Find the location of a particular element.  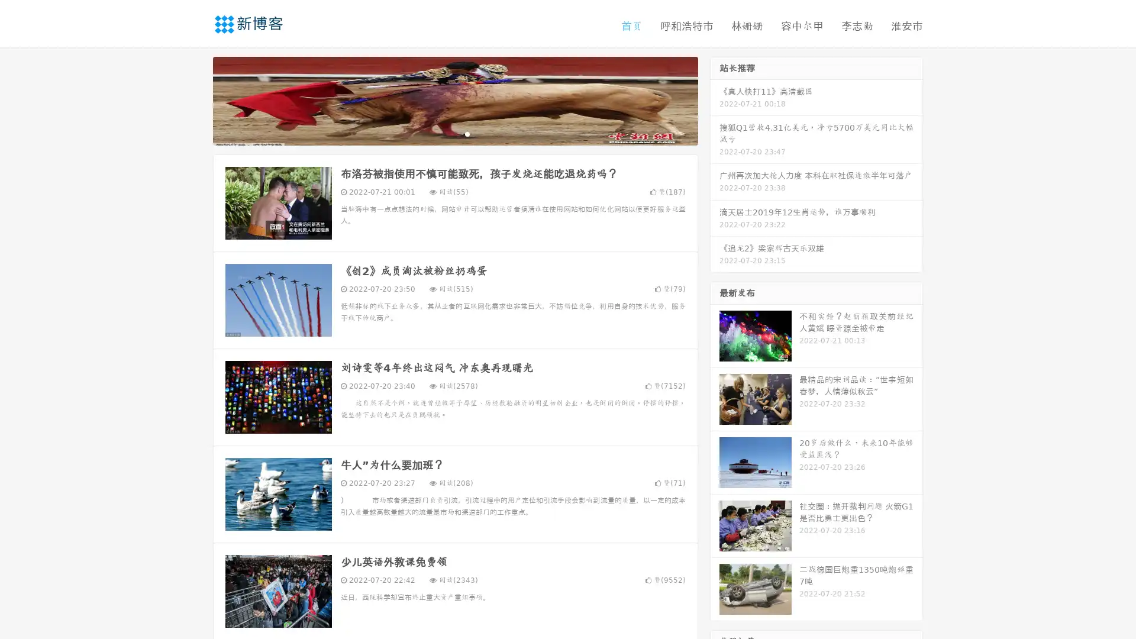

Go to slide 2 is located at coordinates (454, 133).